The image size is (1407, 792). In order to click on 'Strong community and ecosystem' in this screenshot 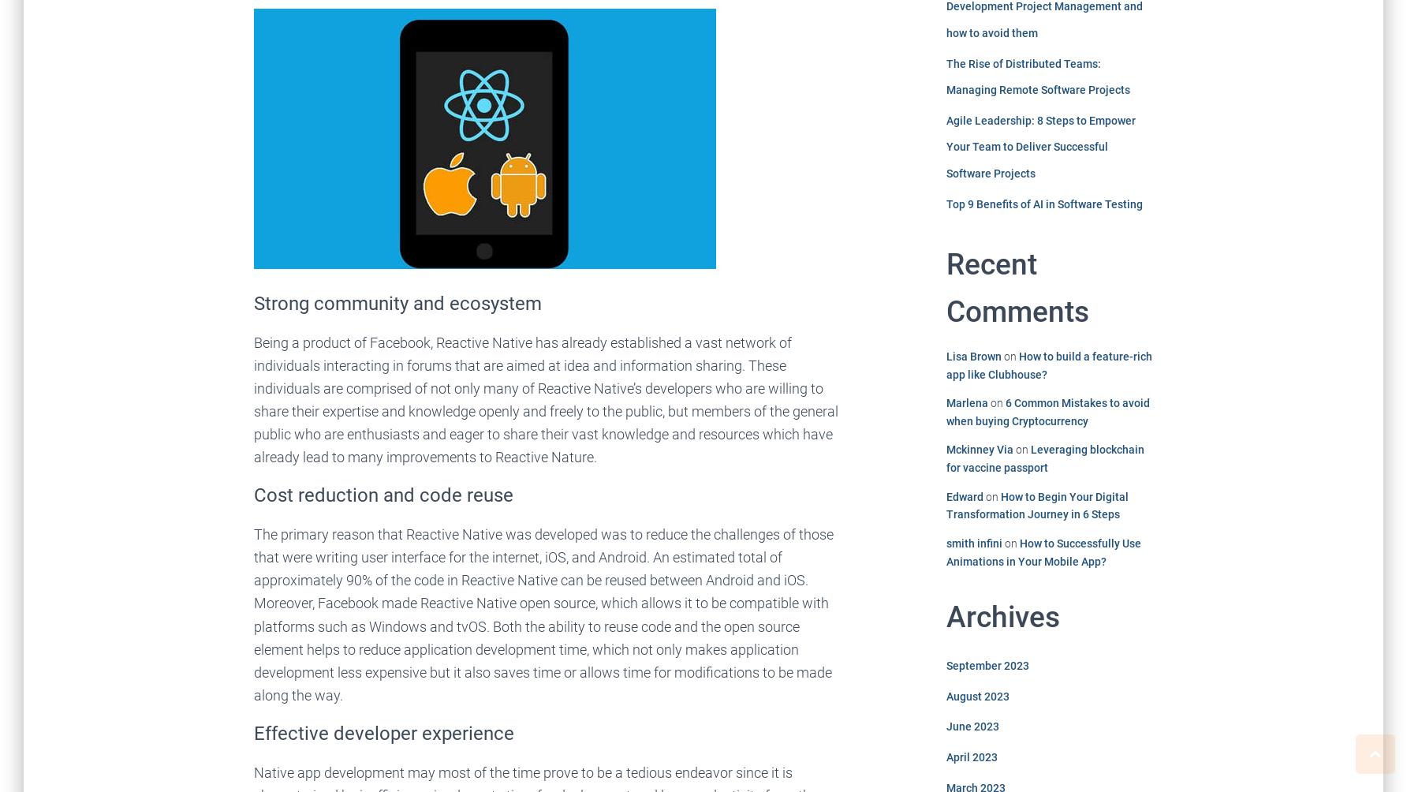, I will do `click(397, 302)`.